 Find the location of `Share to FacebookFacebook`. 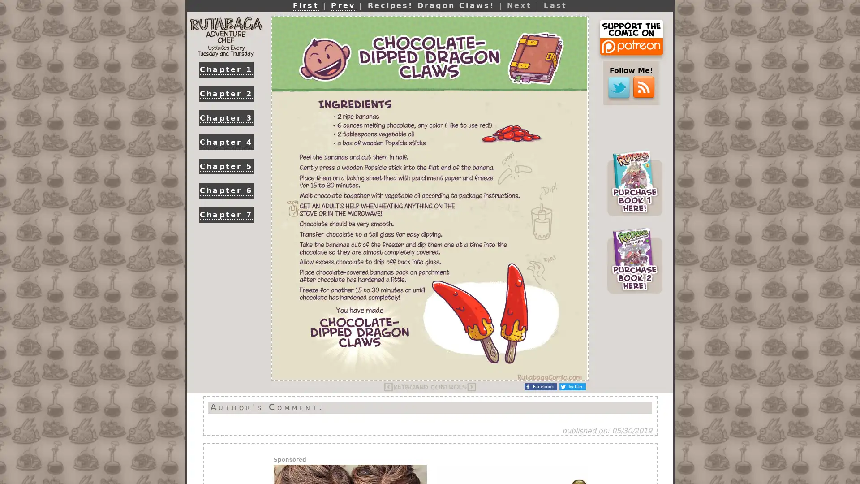

Share to FacebookFacebook is located at coordinates (540, 386).